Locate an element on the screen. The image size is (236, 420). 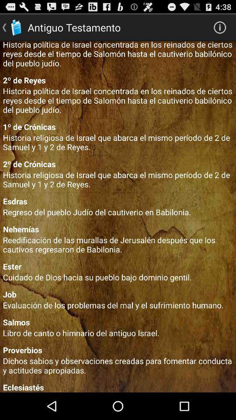
the app below regreso del pueblo is located at coordinates (118, 228).